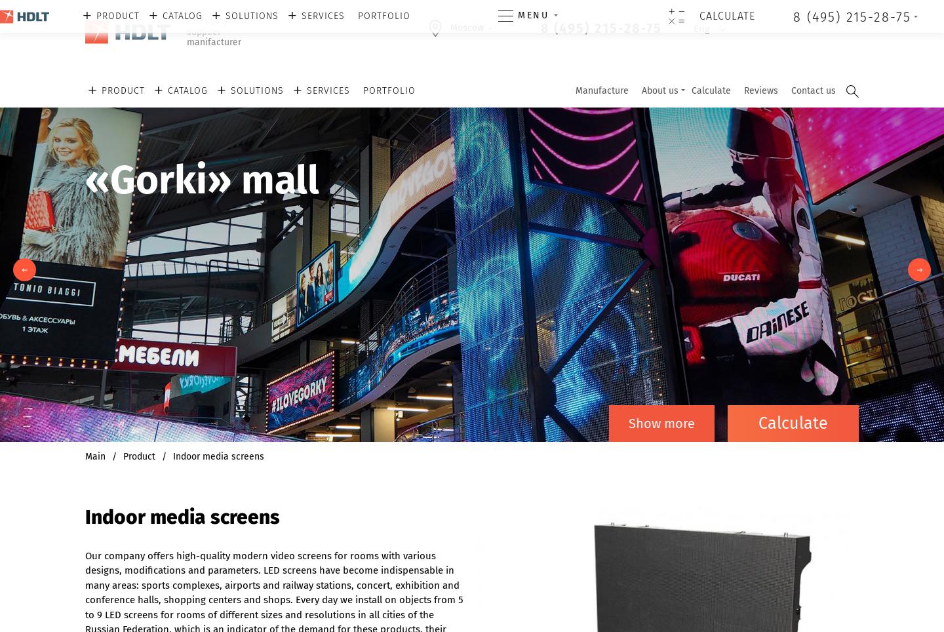 The height and width of the screenshot is (632, 944). What do you see at coordinates (202, 180) in the screenshot?
I see `'«Gorki» mall'` at bounding box center [202, 180].